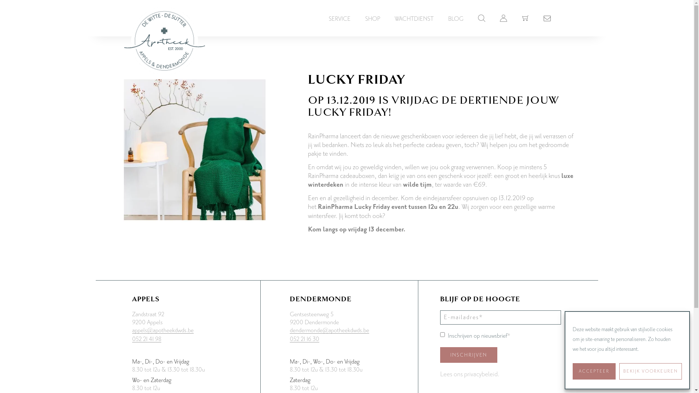 This screenshot has height=393, width=699. What do you see at coordinates (455, 18) in the screenshot?
I see `'BLOG'` at bounding box center [455, 18].